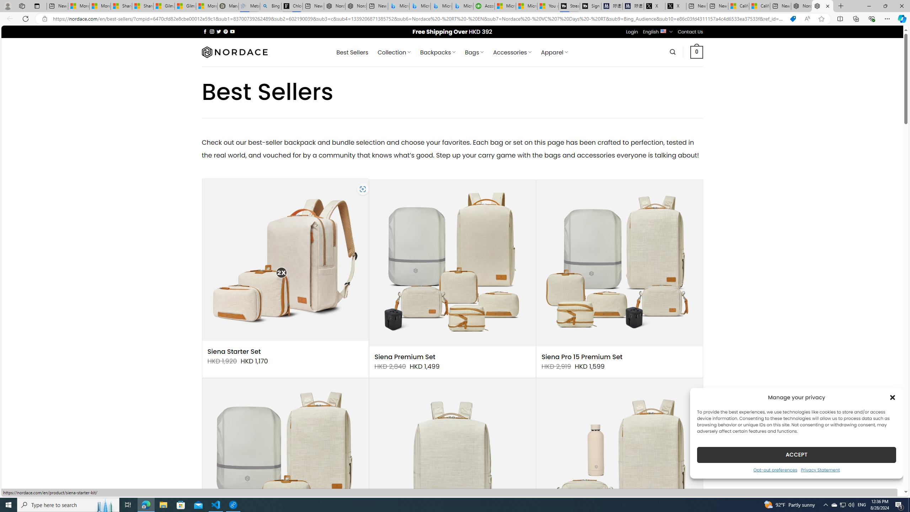 This screenshot has height=512, width=910. I want to click on 'Manatee Mortality Statistics | FWC', so click(228, 6).